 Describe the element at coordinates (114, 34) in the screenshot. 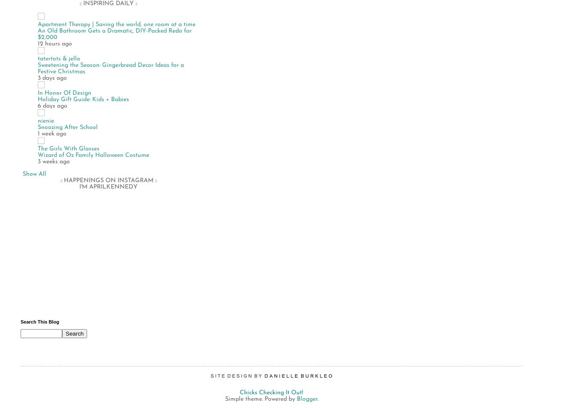

I see `'An Old Bathroom Gets a Dramatic, DIY-Packed Redo for $2,000'` at that location.